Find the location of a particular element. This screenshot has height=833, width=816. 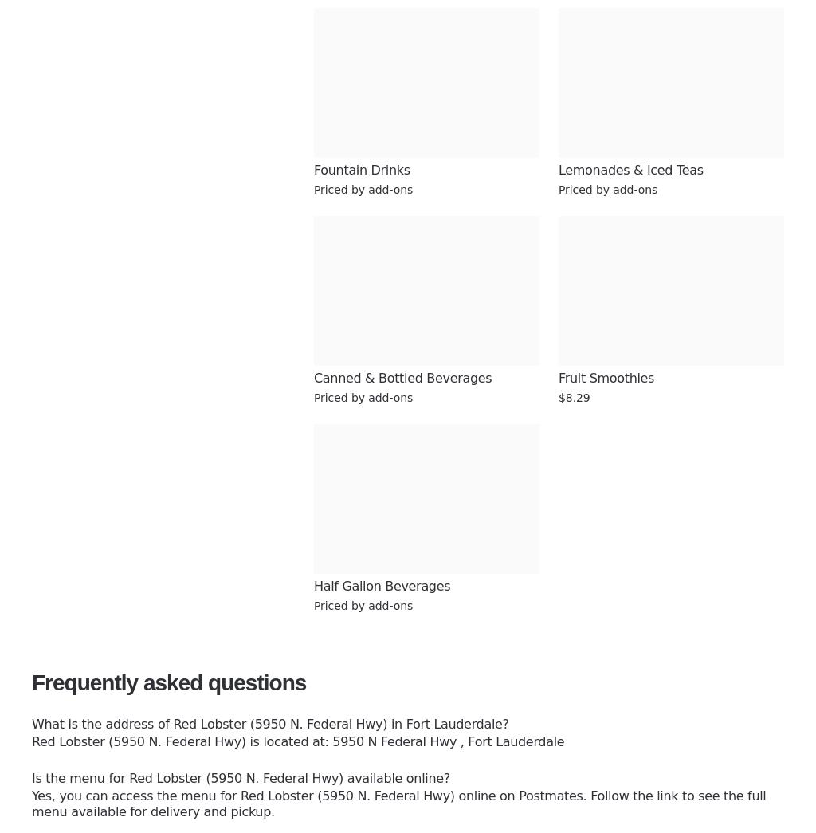

'Yes, you can access the menu for Red Lobster (5950 N. Federal Hwy) online on Postmates. Follow the link to see the full menu available for delivery and pickup.' is located at coordinates (32, 804).